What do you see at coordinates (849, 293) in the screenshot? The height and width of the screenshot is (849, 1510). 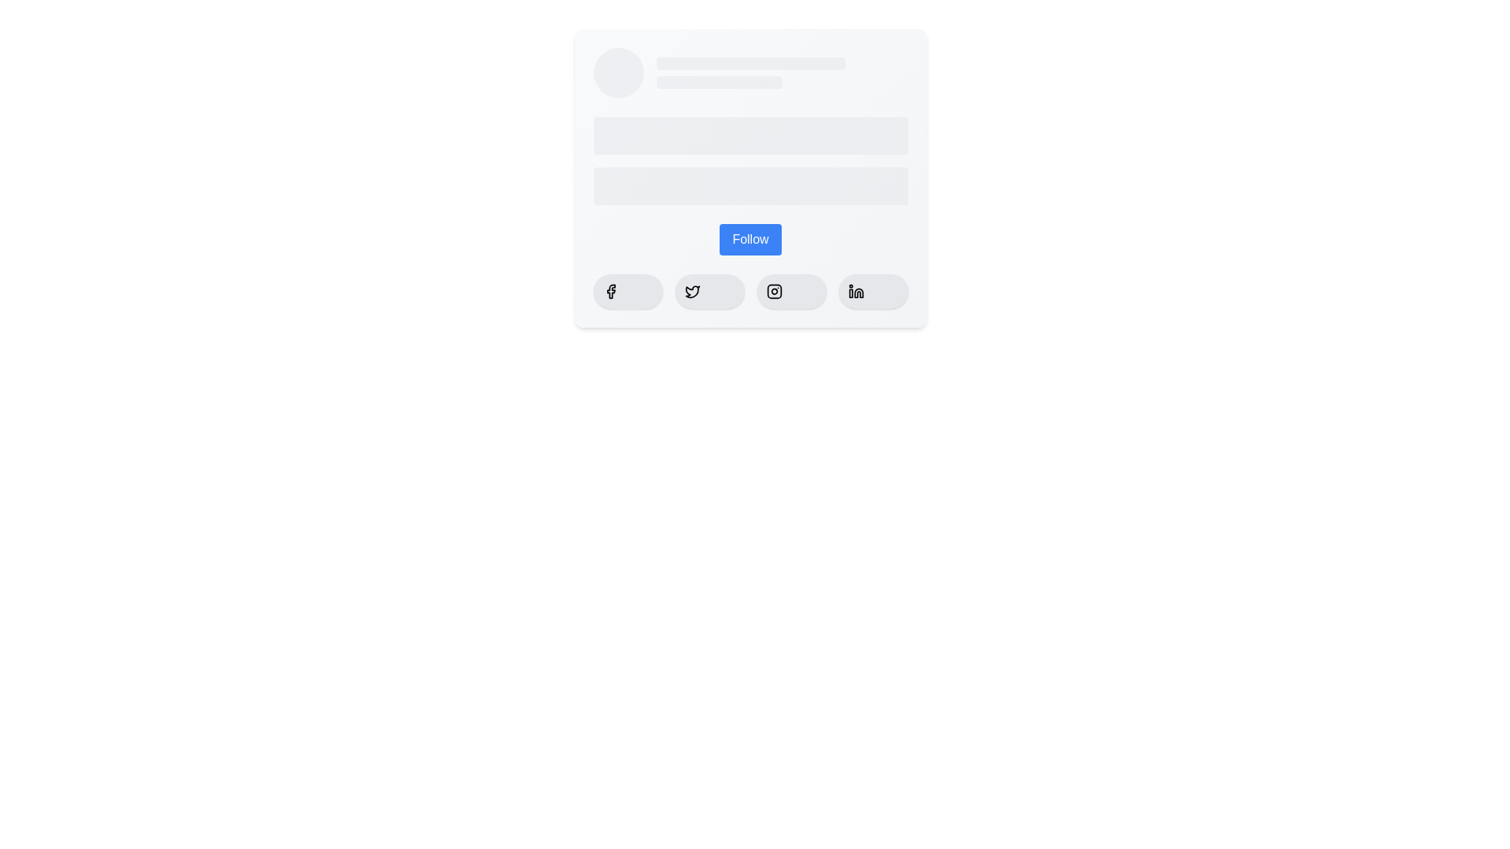 I see `the decorative UI component of the LinkedIn icon, which is part of the vertical bar in the 'in' character, located within the fourth interactive element of the social media link set beneath the 'Follow' button` at bounding box center [849, 293].